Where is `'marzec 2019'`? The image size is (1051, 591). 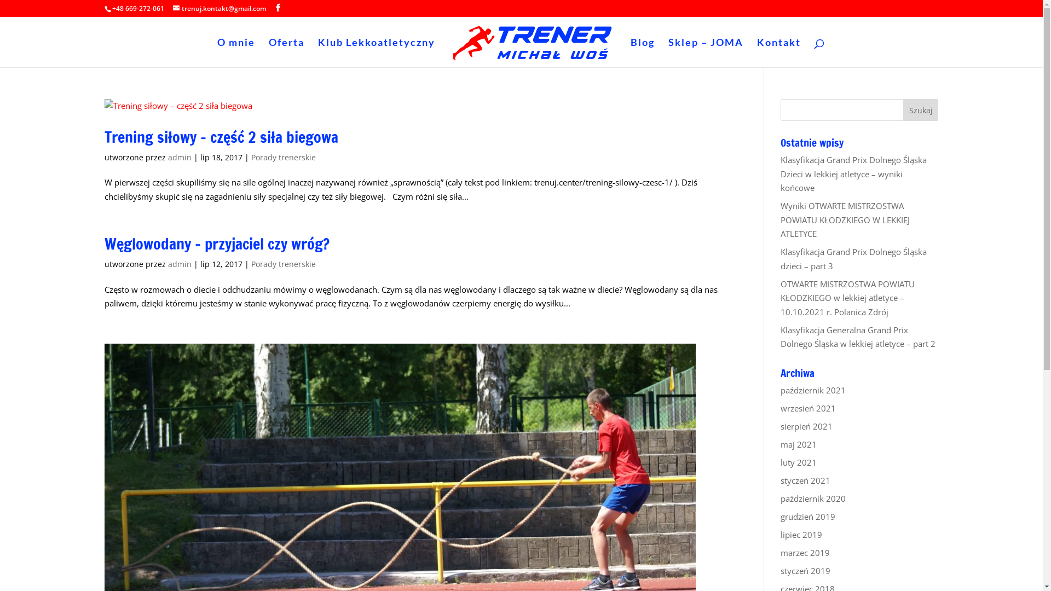 'marzec 2019' is located at coordinates (805, 553).